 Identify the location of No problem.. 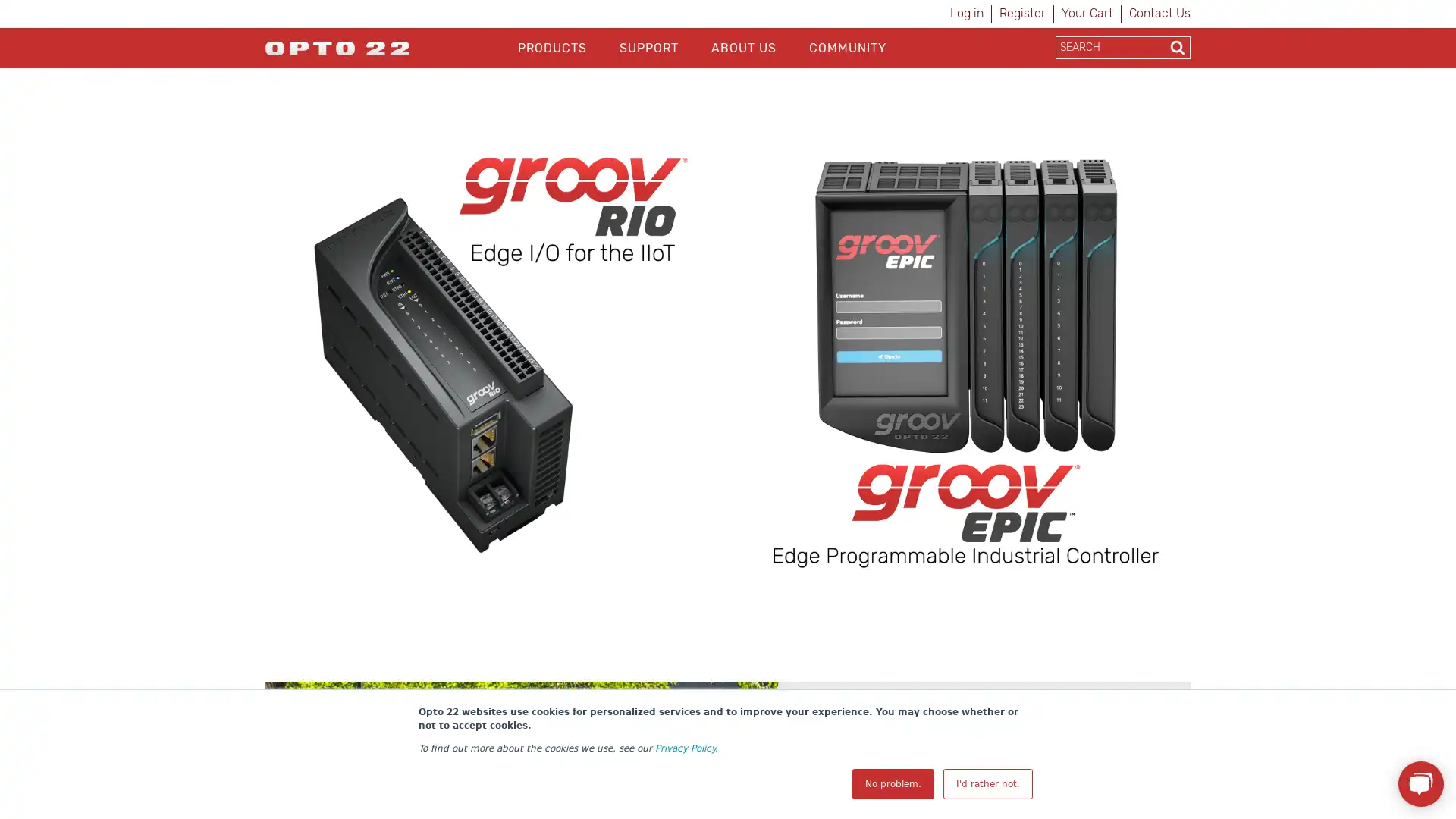
(893, 783).